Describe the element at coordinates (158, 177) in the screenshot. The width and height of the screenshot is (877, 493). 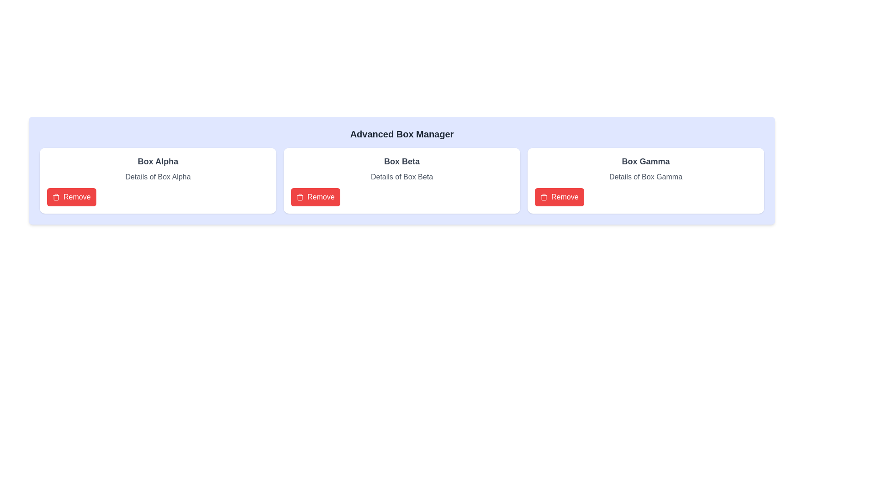
I see `the descriptive text label located beneath the title 'Box Alpha' and above the 'Remove' button` at that location.